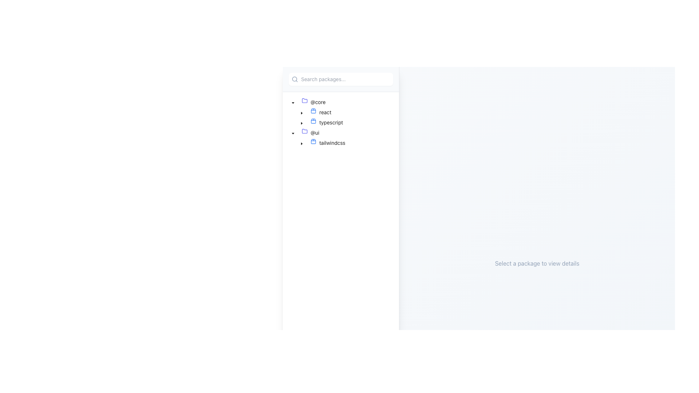 The image size is (699, 393). I want to click on the tree node with the folder icon in purple and text '@ui', located under the '@core' directory in the left panel, so click(311, 133).